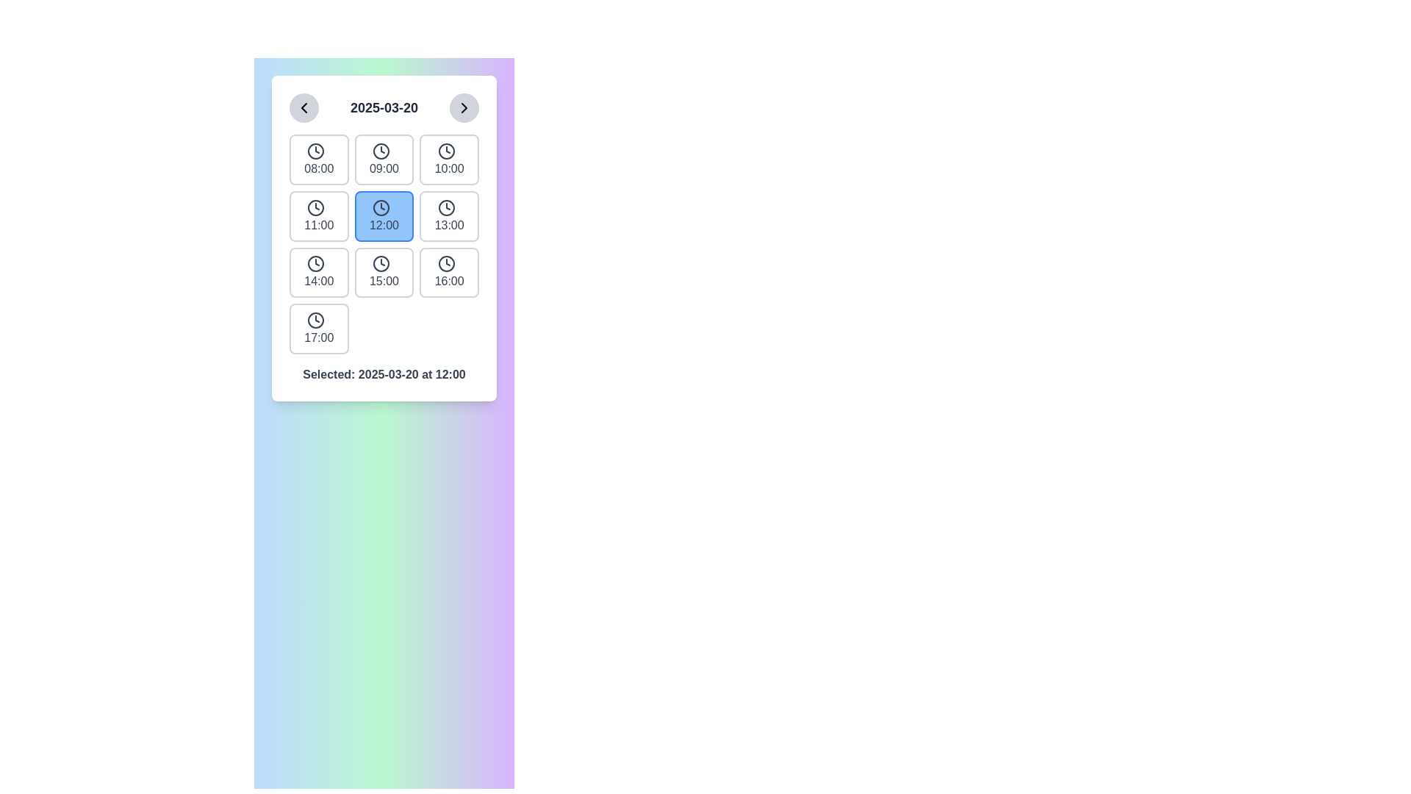 The width and height of the screenshot is (1411, 794). What do you see at coordinates (315, 263) in the screenshot?
I see `the small clock icon with a circular outline and two clock hands, which is part of the button displaying the time '14:00' located in the fourth row, second column of the time selection grid` at bounding box center [315, 263].